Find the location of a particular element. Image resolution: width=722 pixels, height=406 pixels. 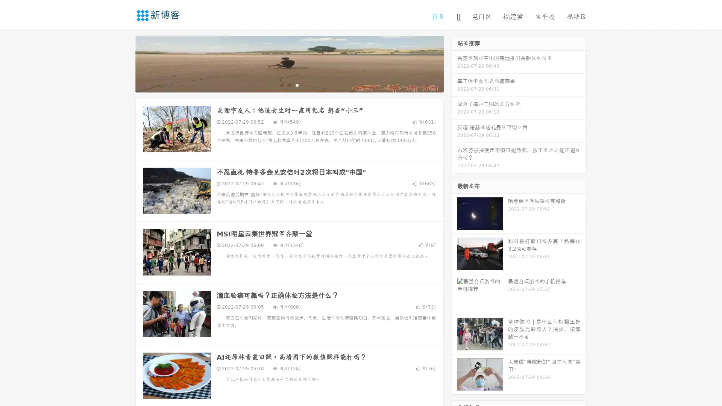

Next slide is located at coordinates (454, 63).